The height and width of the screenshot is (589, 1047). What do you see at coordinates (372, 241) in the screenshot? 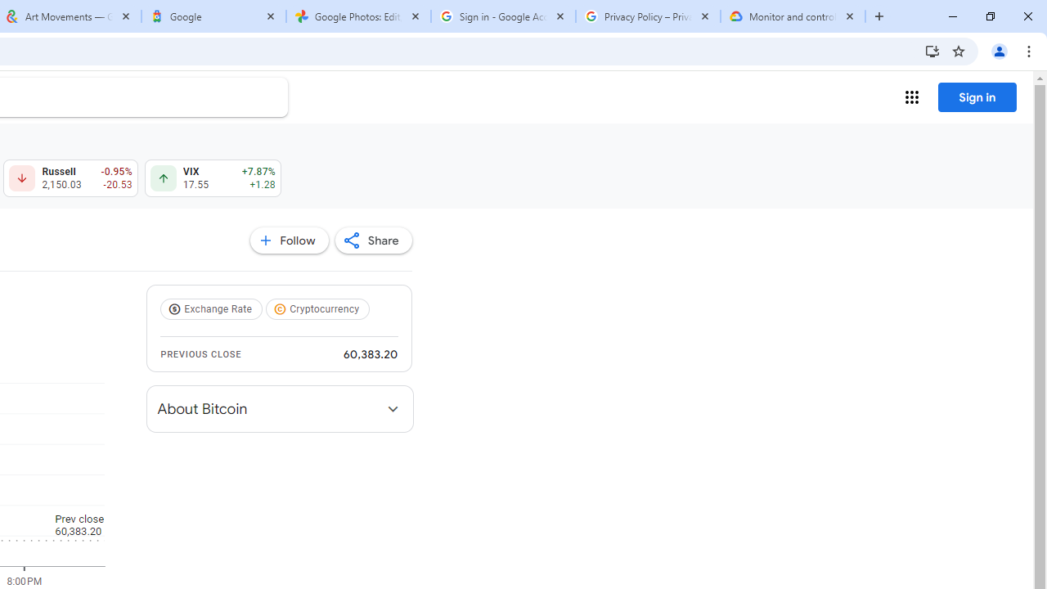
I see `'Share'` at bounding box center [372, 241].